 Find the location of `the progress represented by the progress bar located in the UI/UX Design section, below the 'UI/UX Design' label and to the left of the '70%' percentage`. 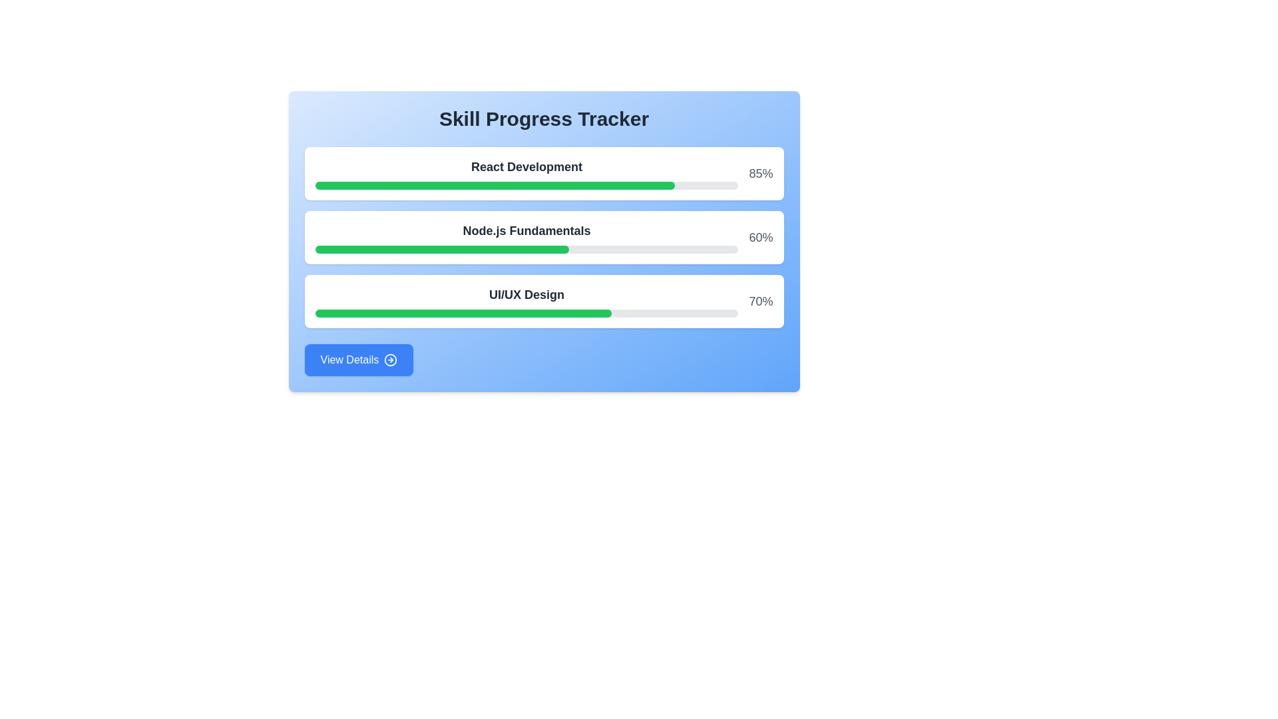

the progress represented by the progress bar located in the UI/UX Design section, below the 'UI/UX Design' label and to the left of the '70%' percentage is located at coordinates (526, 313).